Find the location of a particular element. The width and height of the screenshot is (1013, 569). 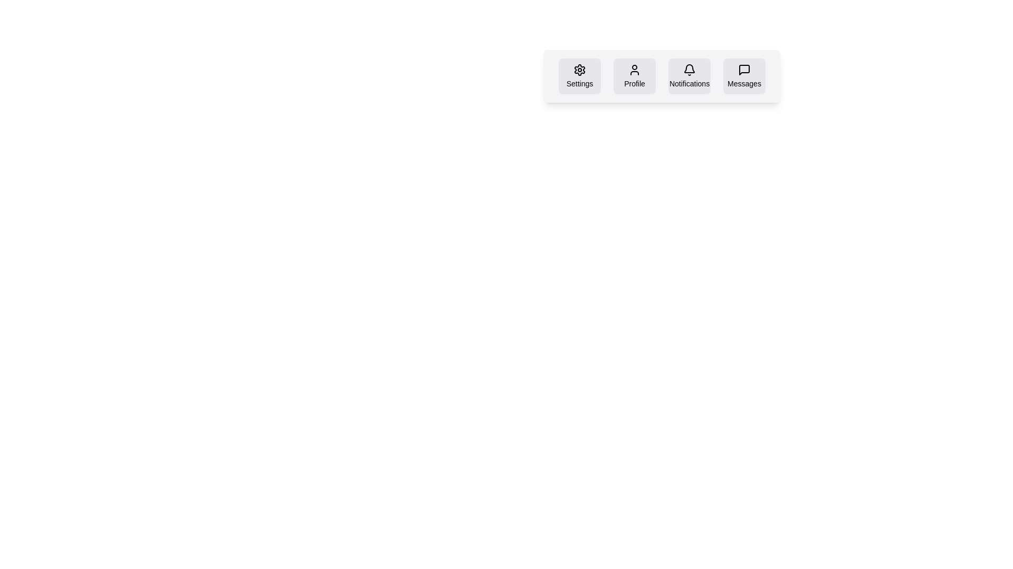

the 'Profile' button, which is a light gray rectangular button with a rounded border, featuring a user silhouette icon and the label 'Profile' below it is located at coordinates (634, 76).